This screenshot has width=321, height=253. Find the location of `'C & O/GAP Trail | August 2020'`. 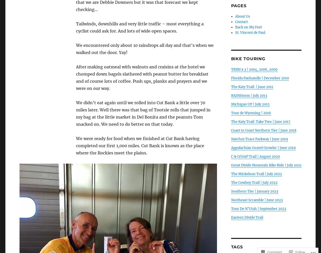

'C & O/GAP Trail | August 2020' is located at coordinates (231, 156).